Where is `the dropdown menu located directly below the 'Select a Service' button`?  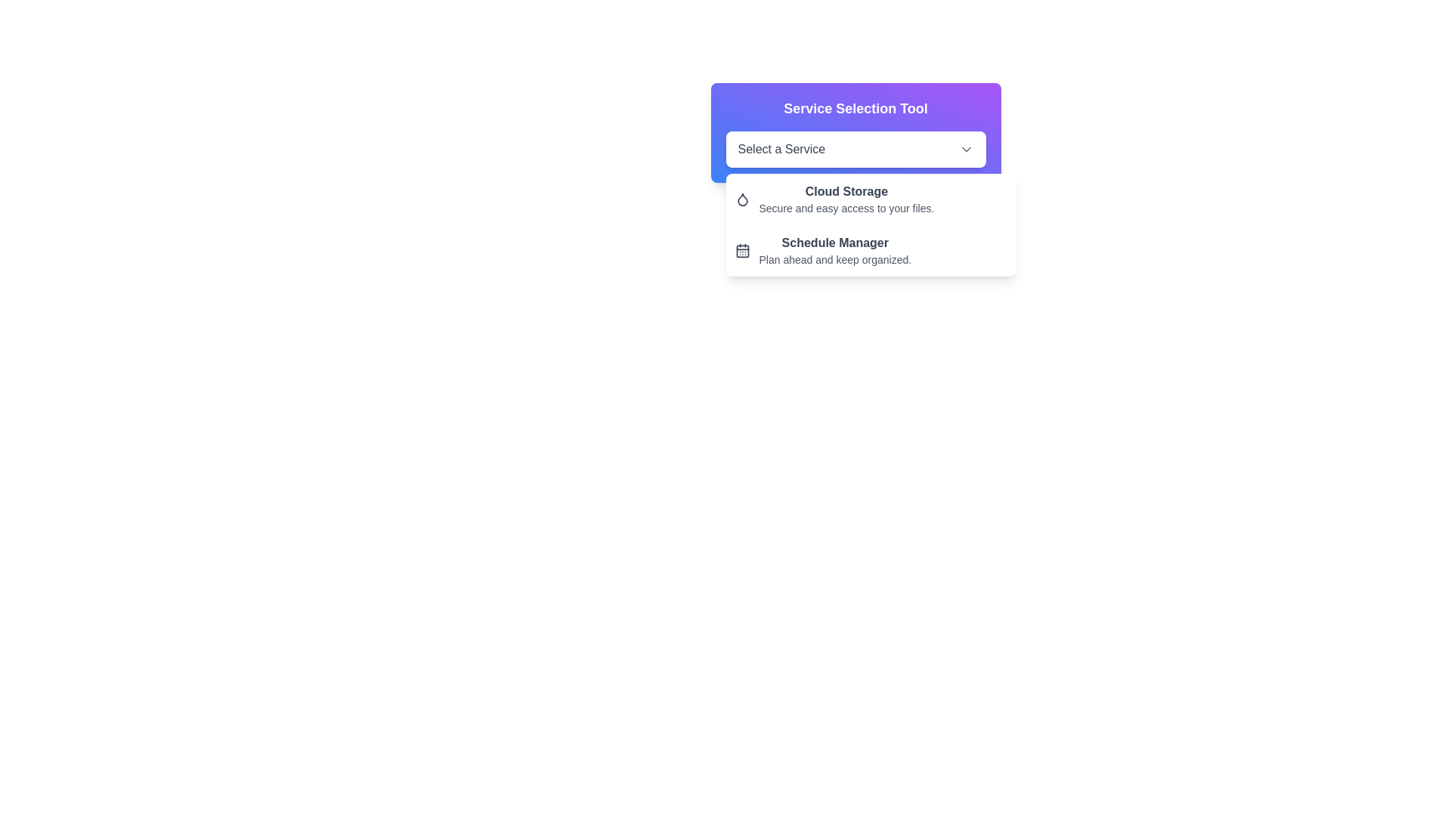
the dropdown menu located directly below the 'Select a Service' button is located at coordinates (871, 224).